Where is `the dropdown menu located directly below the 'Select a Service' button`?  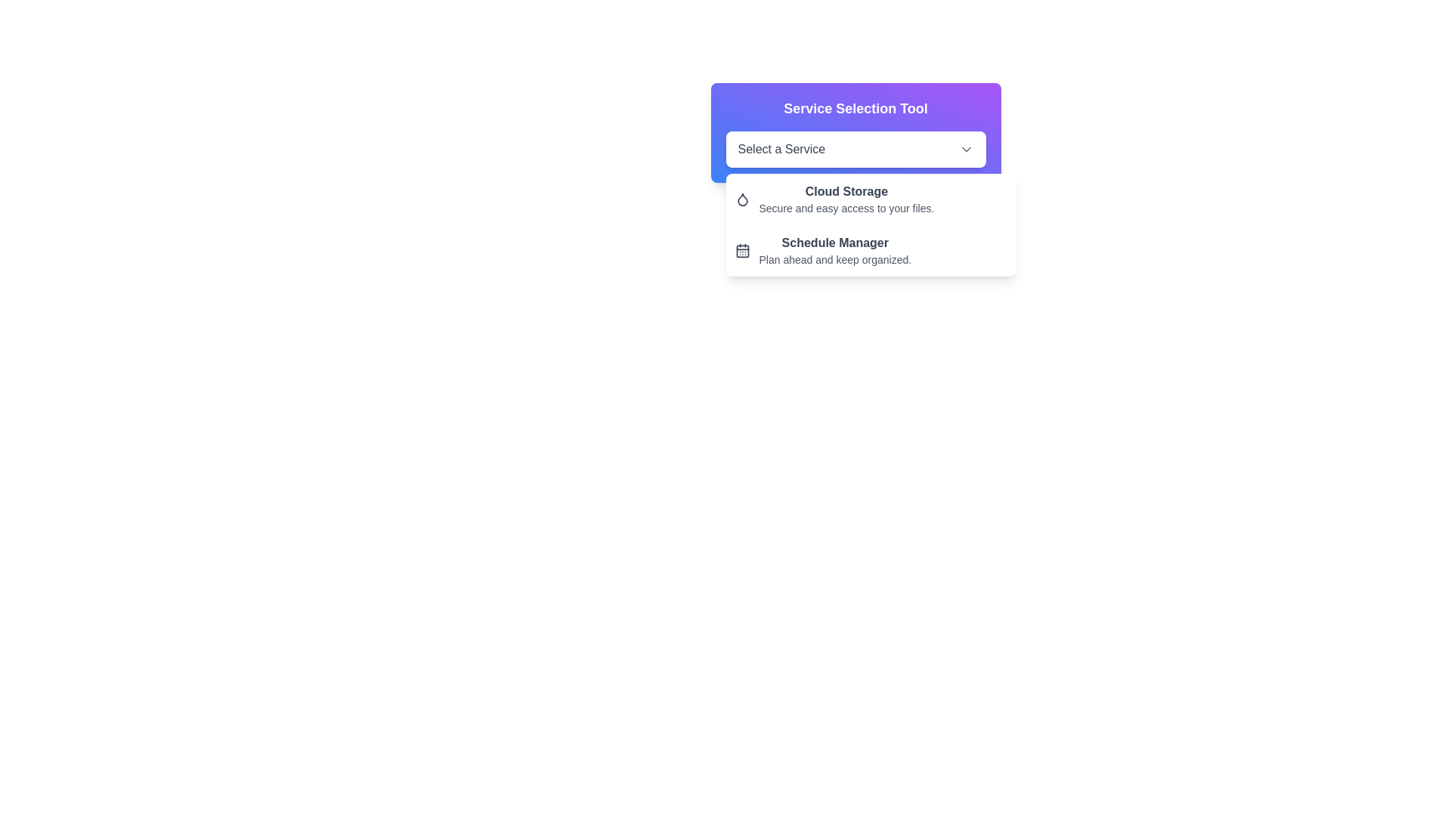
the dropdown menu located directly below the 'Select a Service' button is located at coordinates (871, 224).